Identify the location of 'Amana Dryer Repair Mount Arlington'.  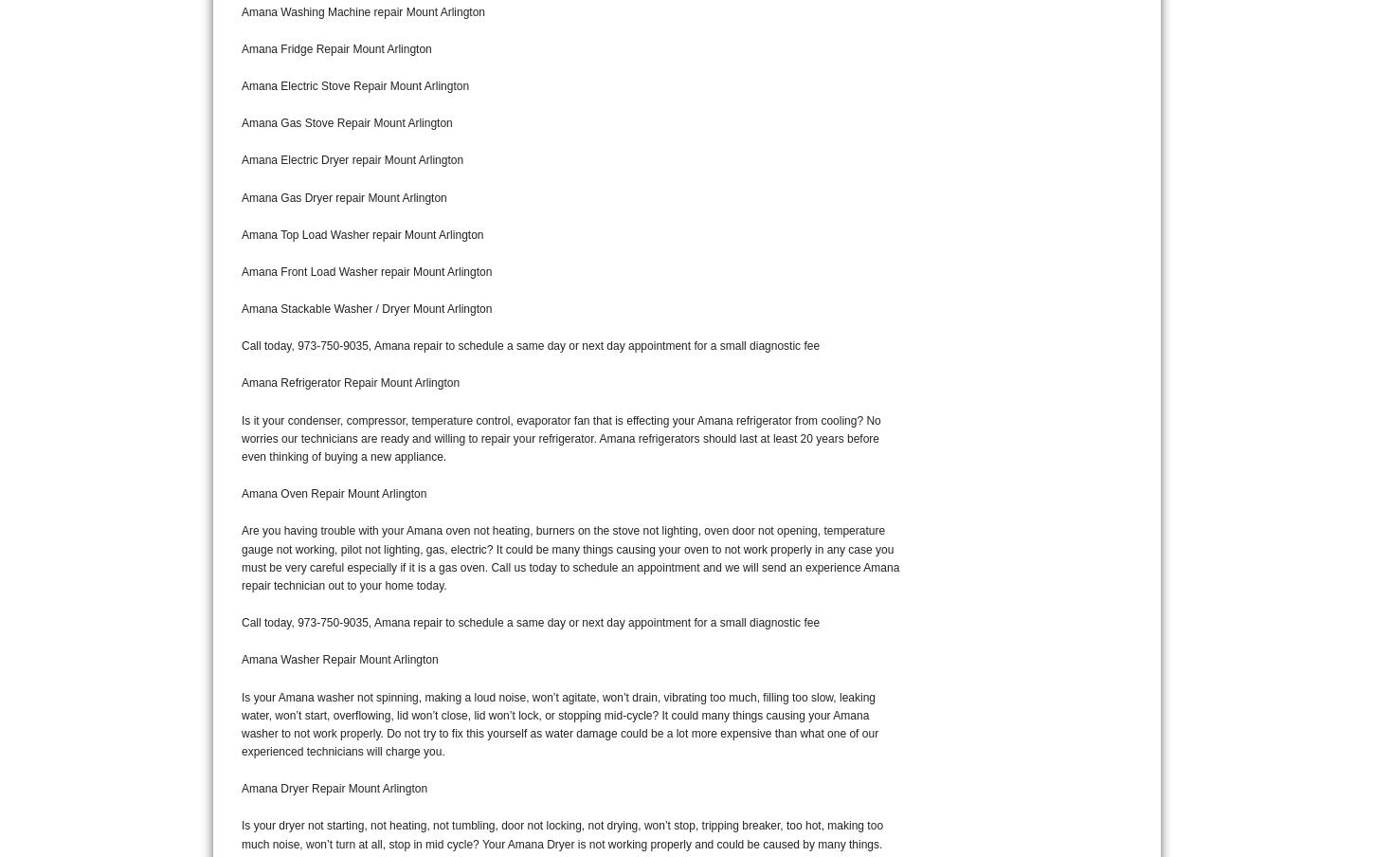
(334, 788).